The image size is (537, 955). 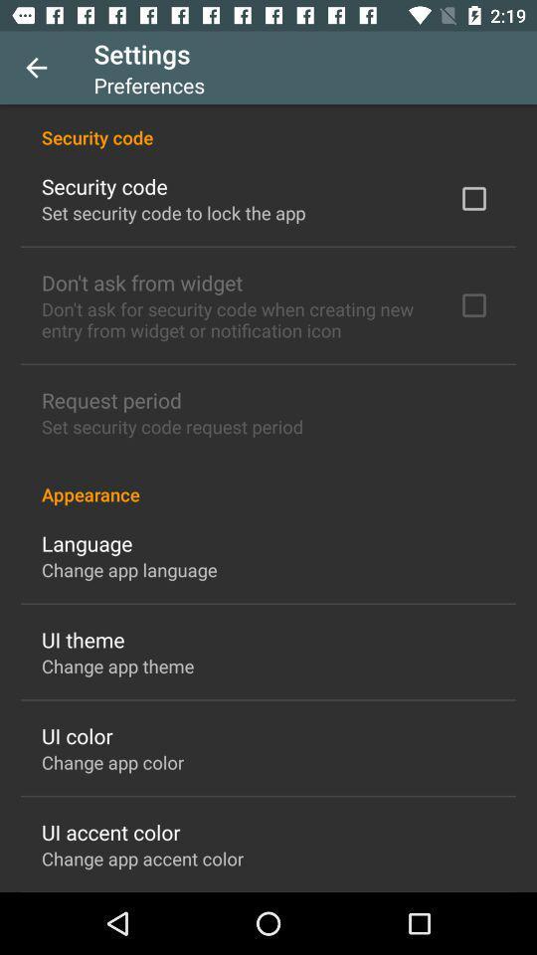 What do you see at coordinates (268, 482) in the screenshot?
I see `appearance item` at bounding box center [268, 482].